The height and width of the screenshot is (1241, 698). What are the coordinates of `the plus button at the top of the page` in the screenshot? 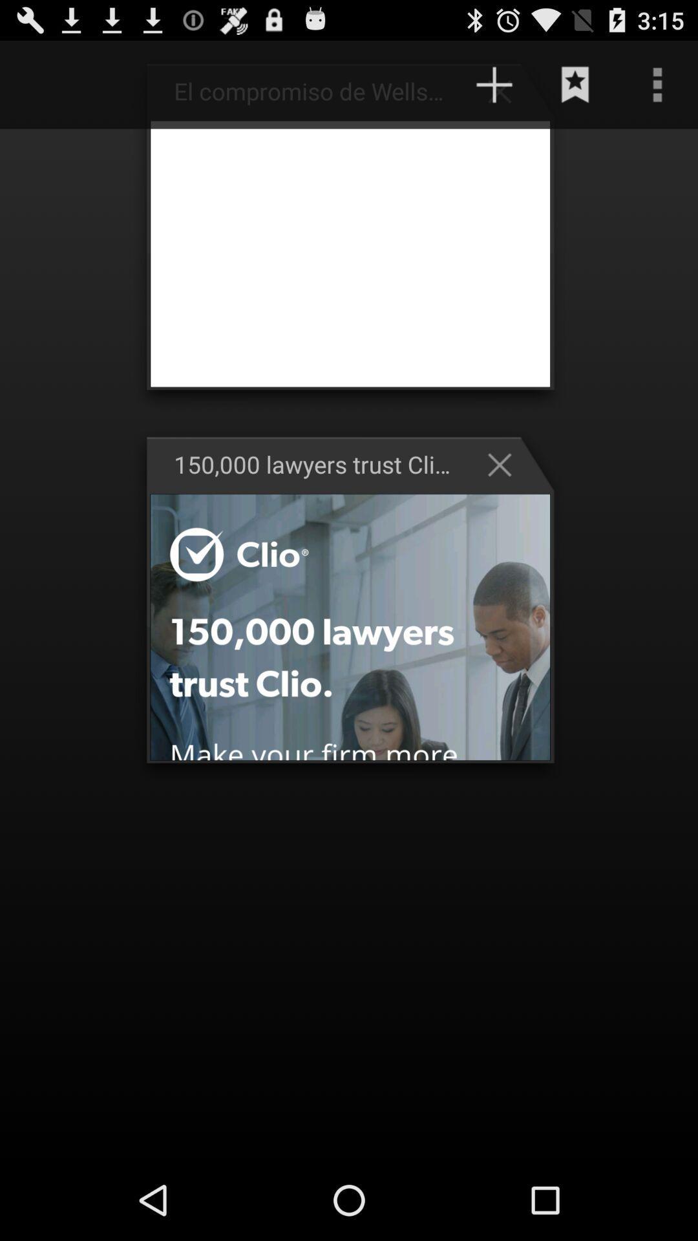 It's located at (494, 84).